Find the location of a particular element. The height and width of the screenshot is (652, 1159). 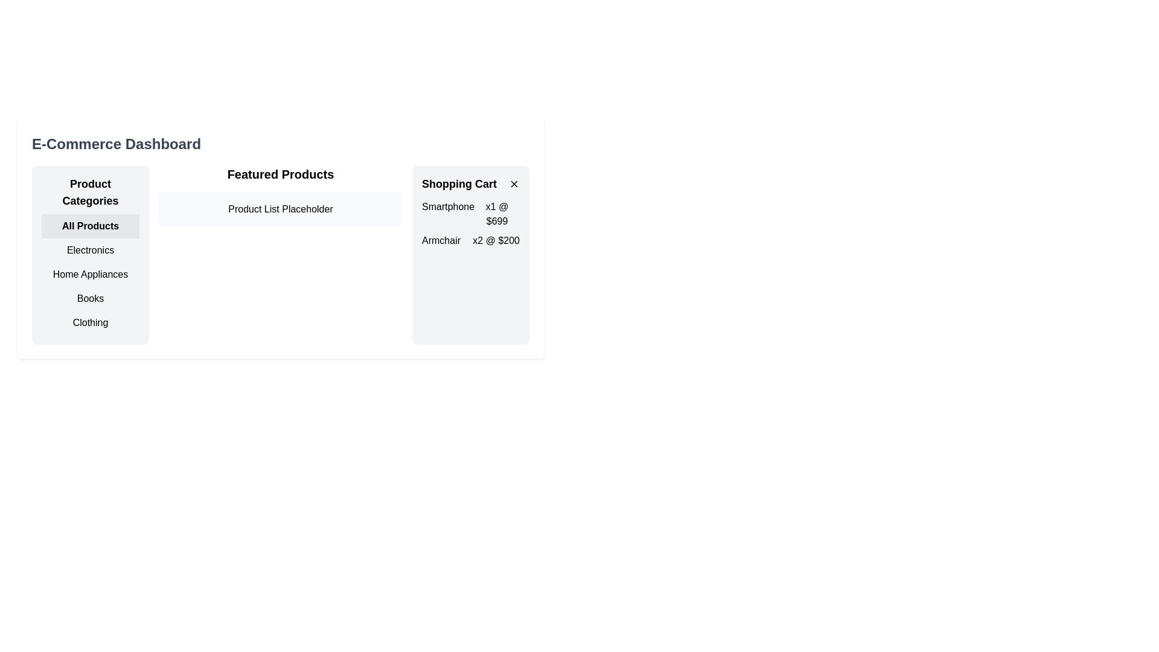

the 'Clothing' category list item in the 'Product Categories' section is located at coordinates (89, 322).